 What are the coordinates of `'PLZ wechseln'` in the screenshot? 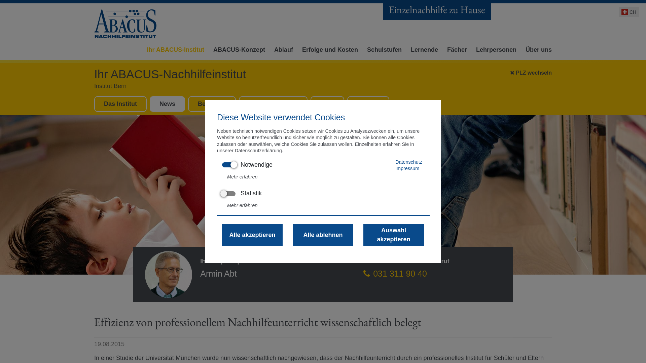 It's located at (510, 71).